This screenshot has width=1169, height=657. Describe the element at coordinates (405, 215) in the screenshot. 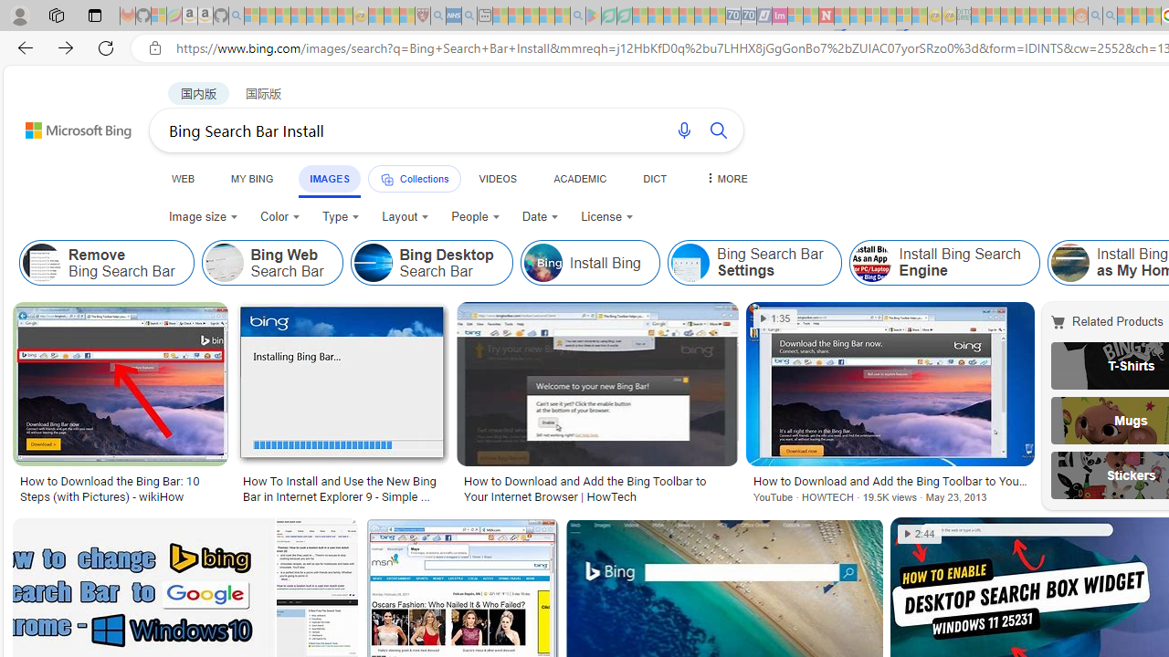

I see `'Layout'` at that location.